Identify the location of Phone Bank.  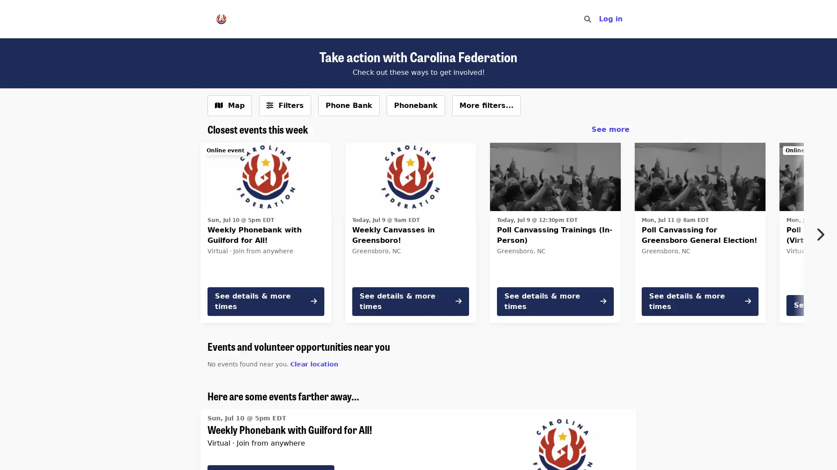
(349, 105).